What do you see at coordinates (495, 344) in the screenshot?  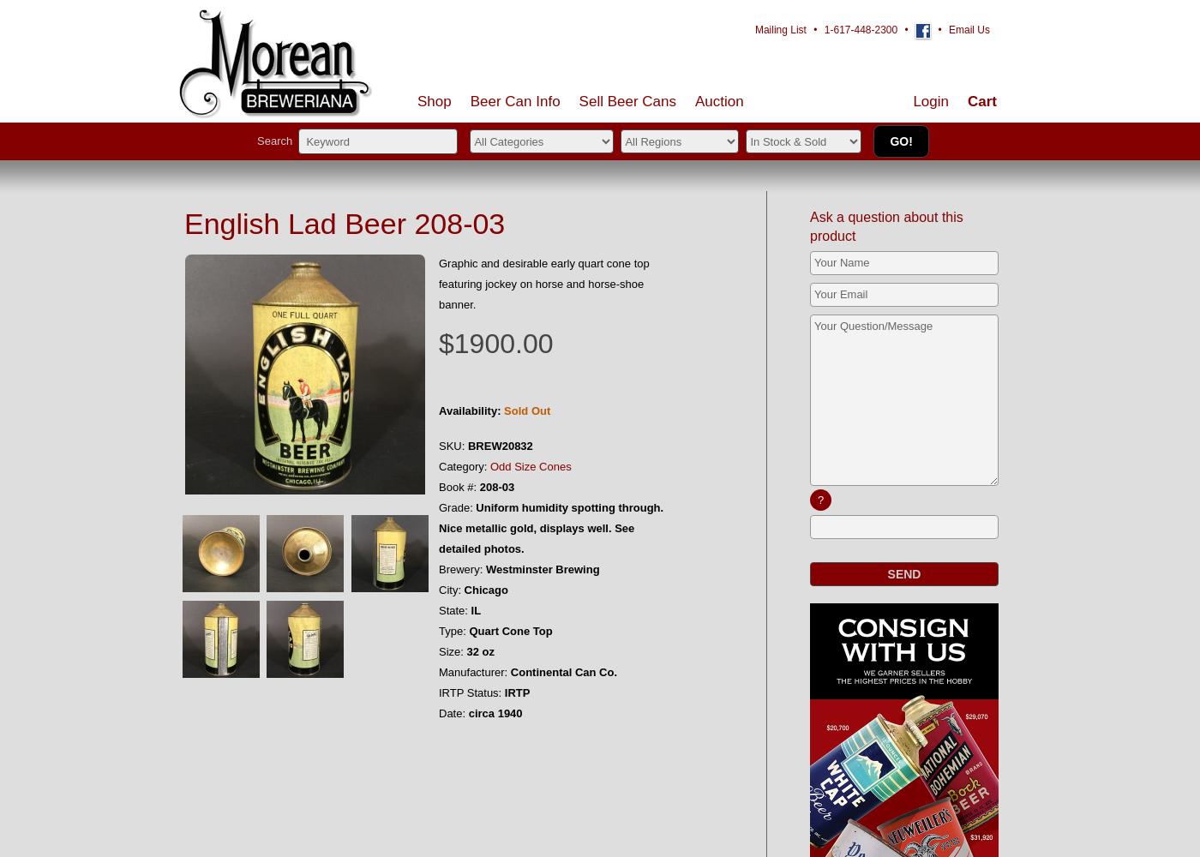 I see `'$1900.00'` at bounding box center [495, 344].